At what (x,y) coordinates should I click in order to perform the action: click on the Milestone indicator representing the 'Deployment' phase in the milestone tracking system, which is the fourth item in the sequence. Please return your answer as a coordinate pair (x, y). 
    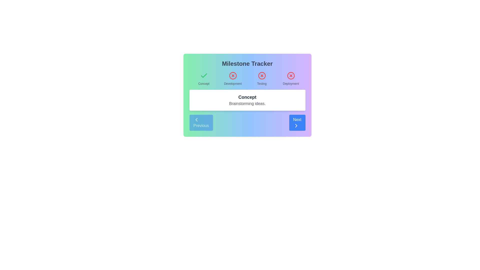
    Looking at the image, I should click on (291, 79).